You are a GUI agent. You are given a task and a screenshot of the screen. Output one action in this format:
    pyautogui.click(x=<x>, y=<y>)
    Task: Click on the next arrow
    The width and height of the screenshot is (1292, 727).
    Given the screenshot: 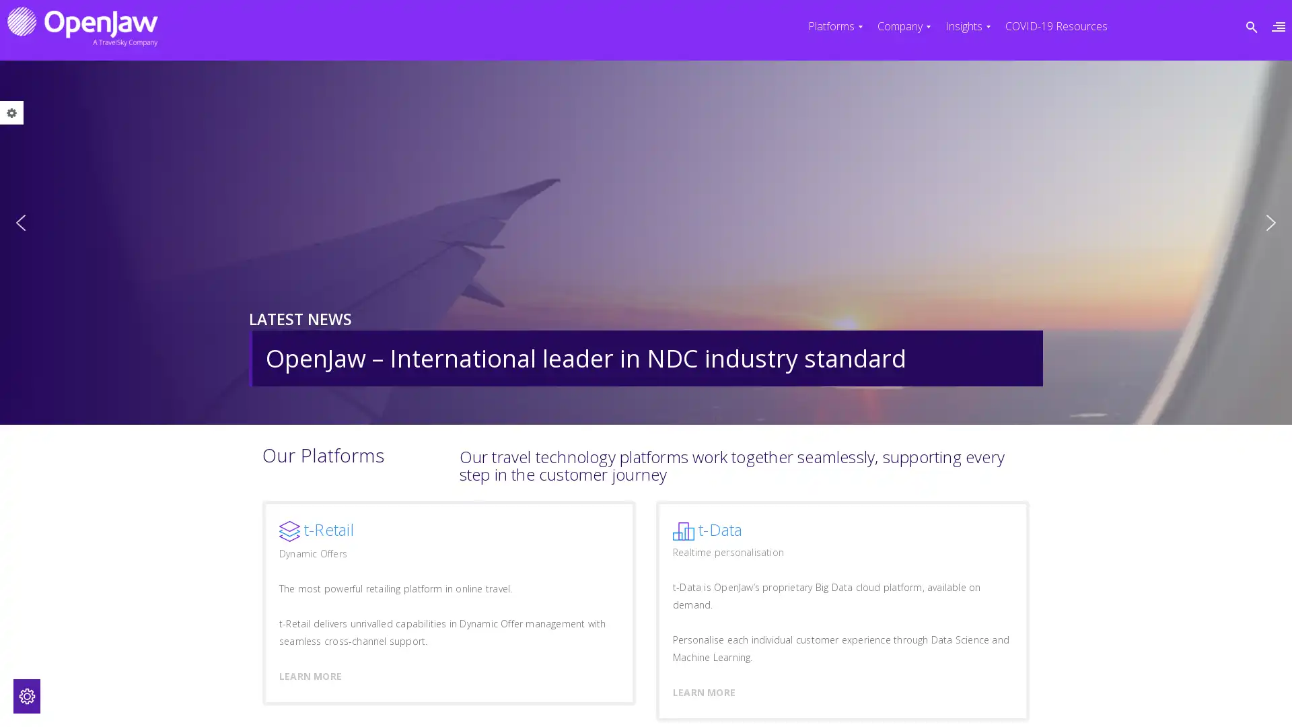 What is the action you would take?
    pyautogui.click(x=1270, y=222)
    